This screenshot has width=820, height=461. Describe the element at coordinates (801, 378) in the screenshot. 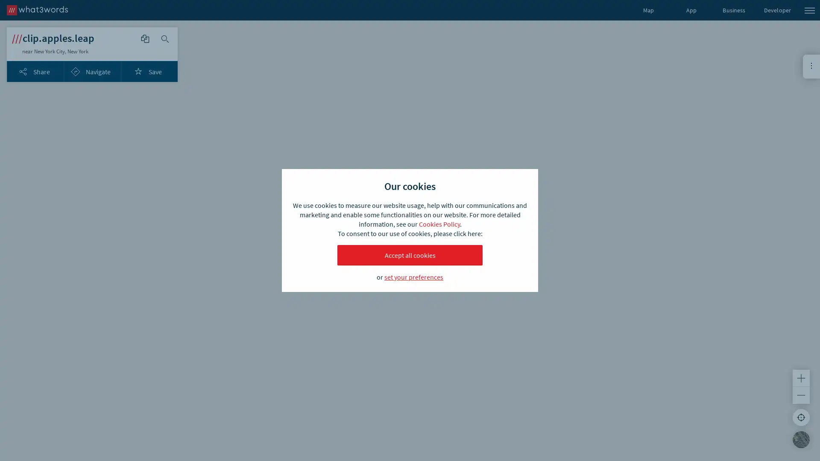

I see `Zoom in` at that location.